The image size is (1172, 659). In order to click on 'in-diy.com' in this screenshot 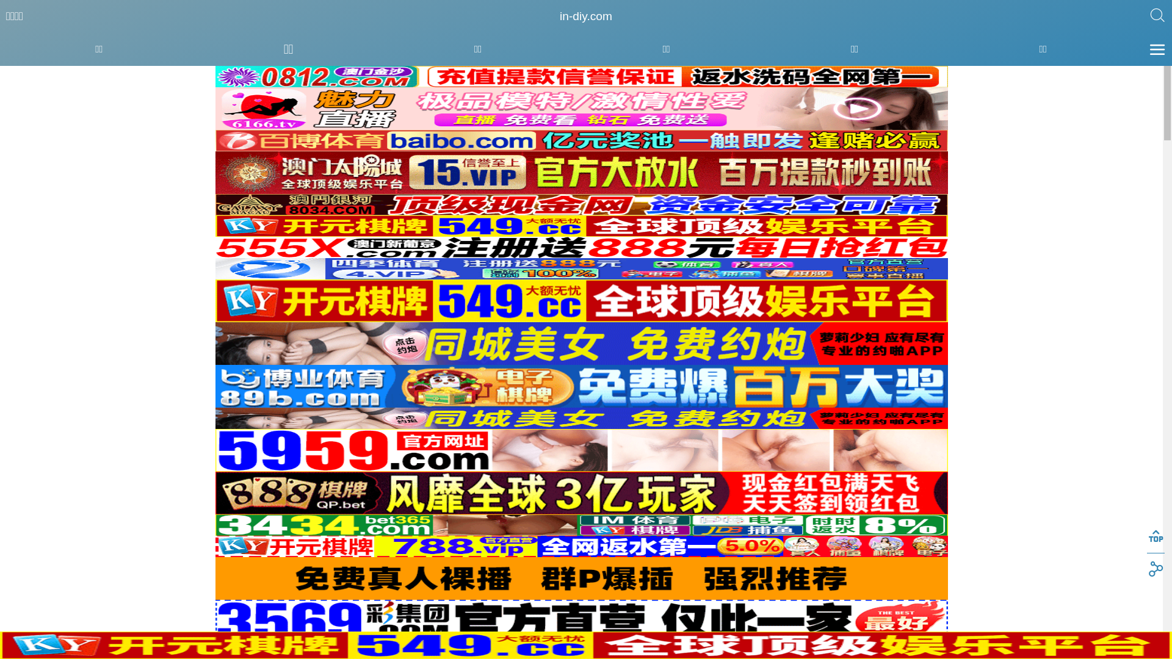, I will do `click(586, 16)`.